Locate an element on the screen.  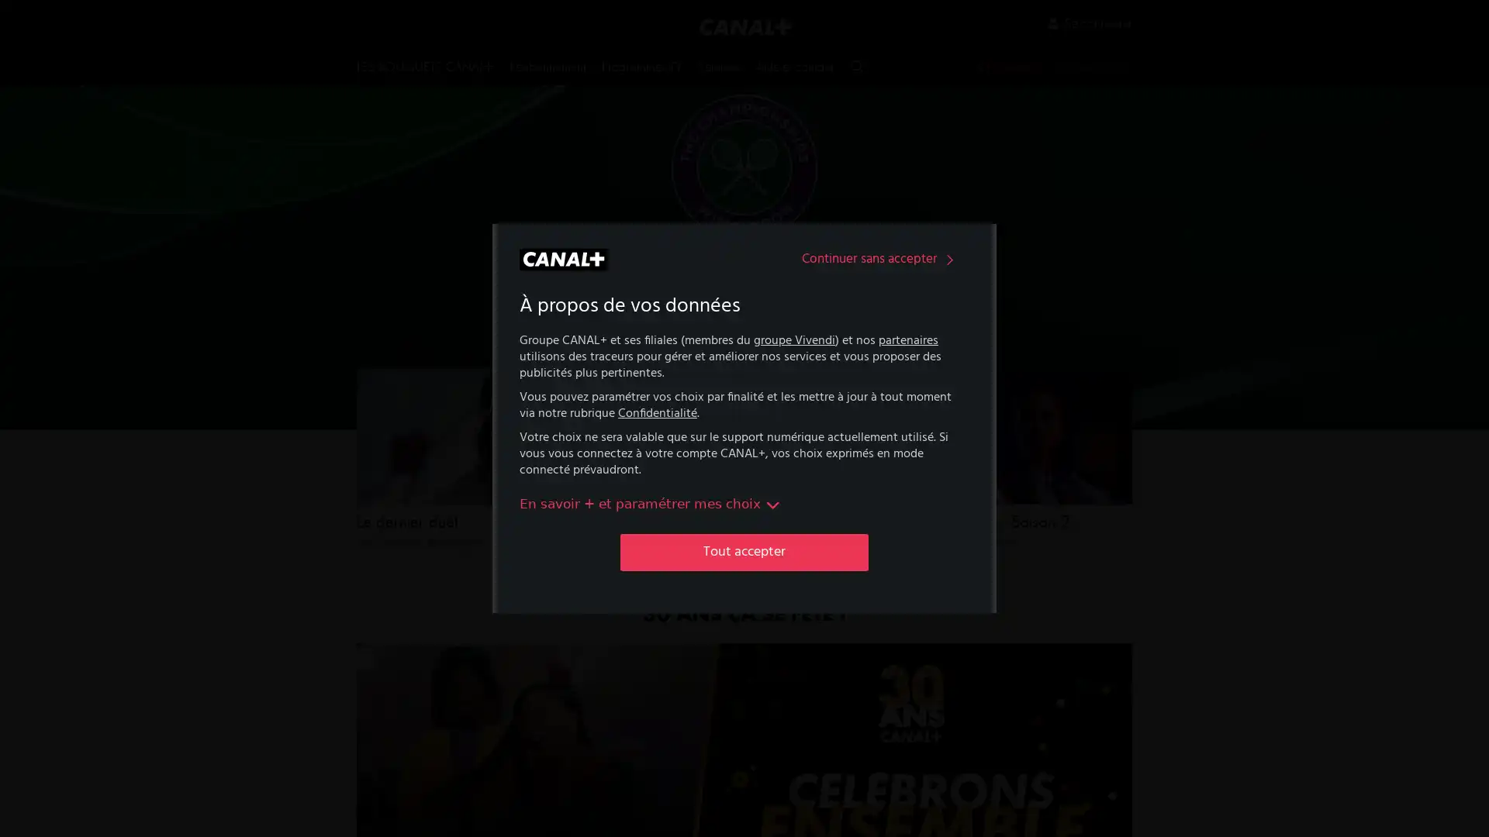
Continuer sans accepter notre traitement des donnees is located at coordinates (881, 259).